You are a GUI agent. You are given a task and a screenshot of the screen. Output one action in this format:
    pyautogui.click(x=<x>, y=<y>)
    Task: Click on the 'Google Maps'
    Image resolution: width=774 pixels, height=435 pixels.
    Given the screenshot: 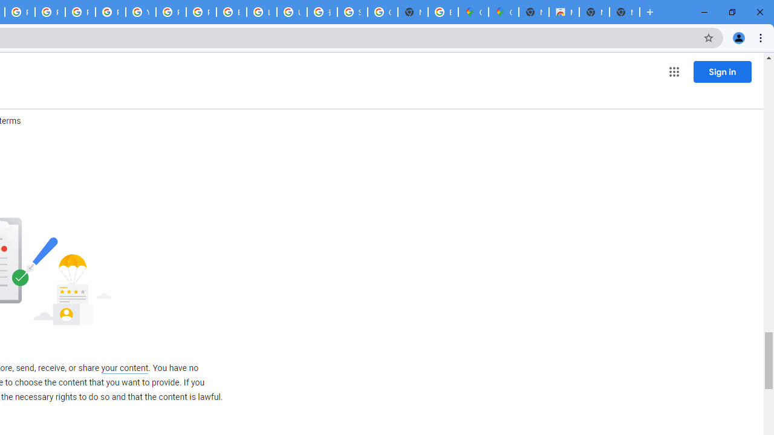 What is the action you would take?
    pyautogui.click(x=503, y=12)
    